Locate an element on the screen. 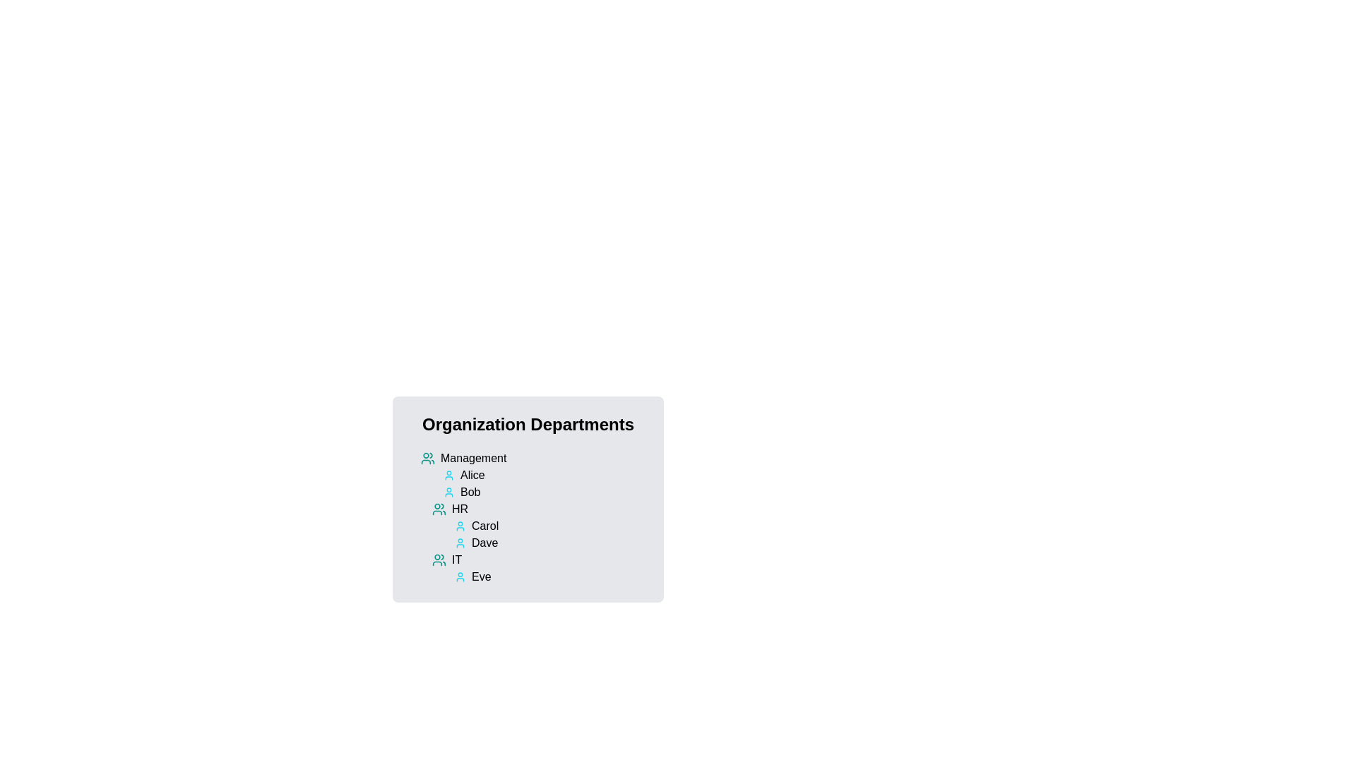  the non-interactive text label named 'Carol' in the 'HR' category of the organization chart, which is the third item in the list between 'Bob' and 'Dave' is located at coordinates (485, 526).